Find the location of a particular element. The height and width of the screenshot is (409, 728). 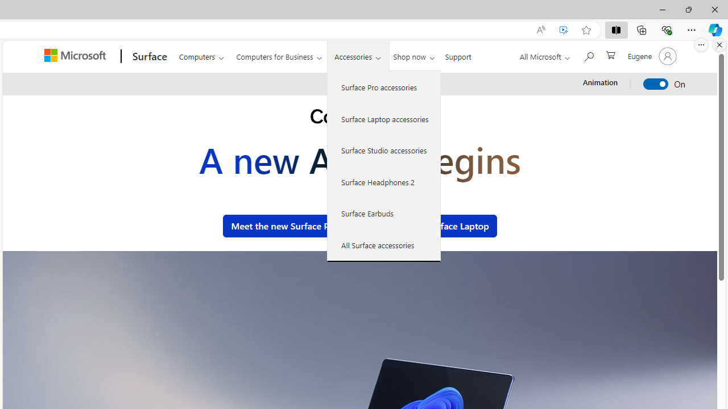

'Account manager for Eugene' is located at coordinates (651, 56).